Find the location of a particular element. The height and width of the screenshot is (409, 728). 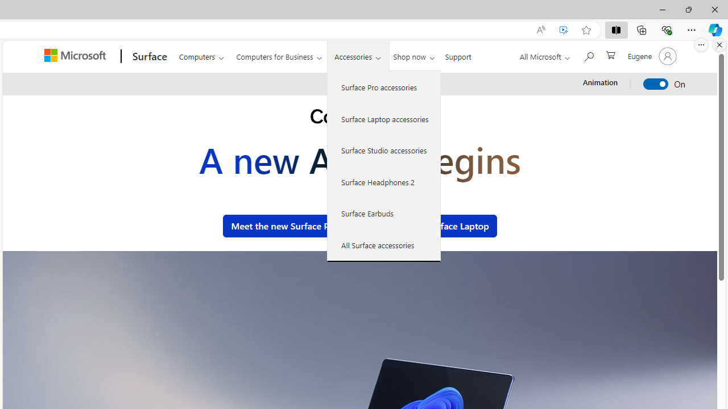

'Account manager for Eugene' is located at coordinates (651, 56).